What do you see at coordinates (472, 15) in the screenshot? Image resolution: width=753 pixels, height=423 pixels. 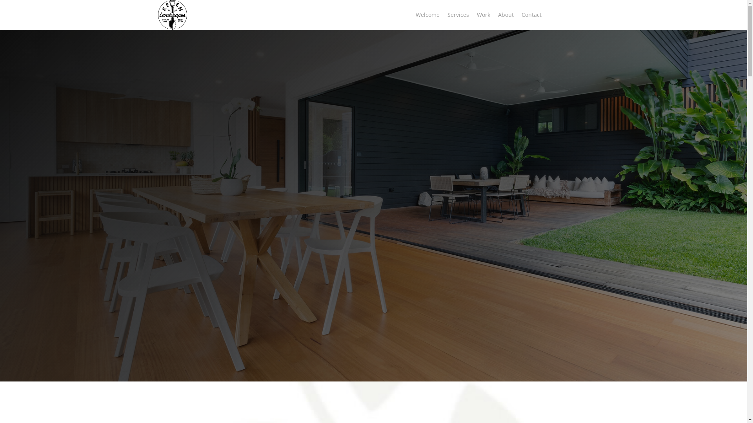 I see `'Work'` at bounding box center [472, 15].